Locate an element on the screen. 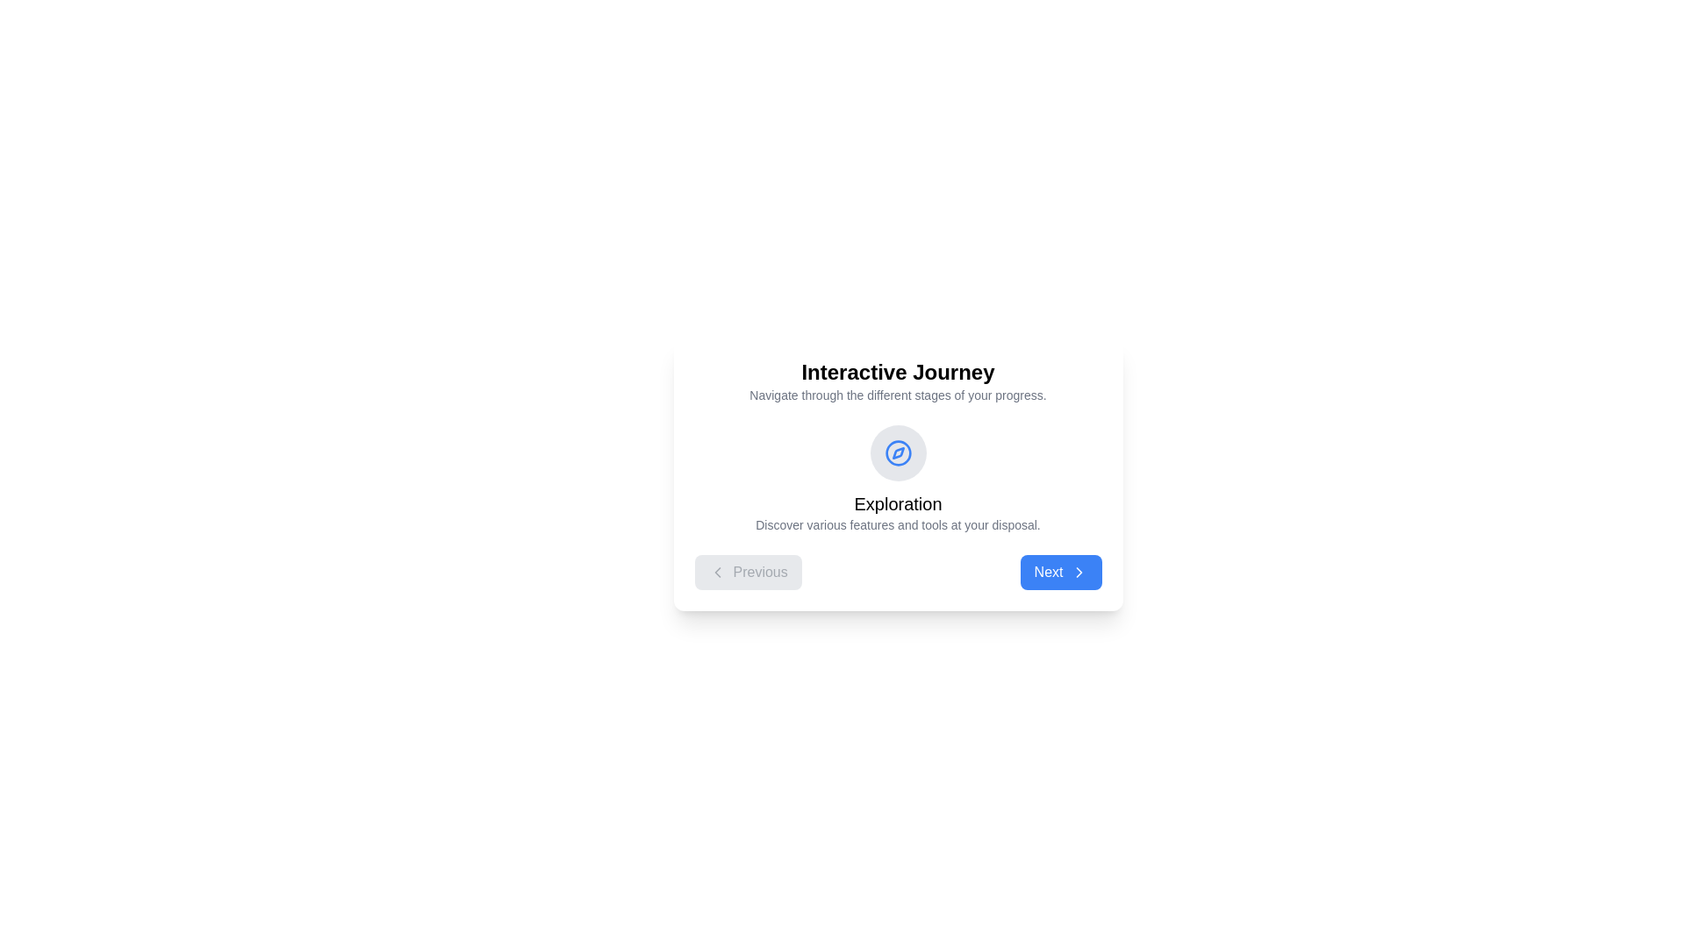  the right-pointing chevron icon located at the rightmost end of the 'Next' button for accessibility interactions is located at coordinates (1078, 572).